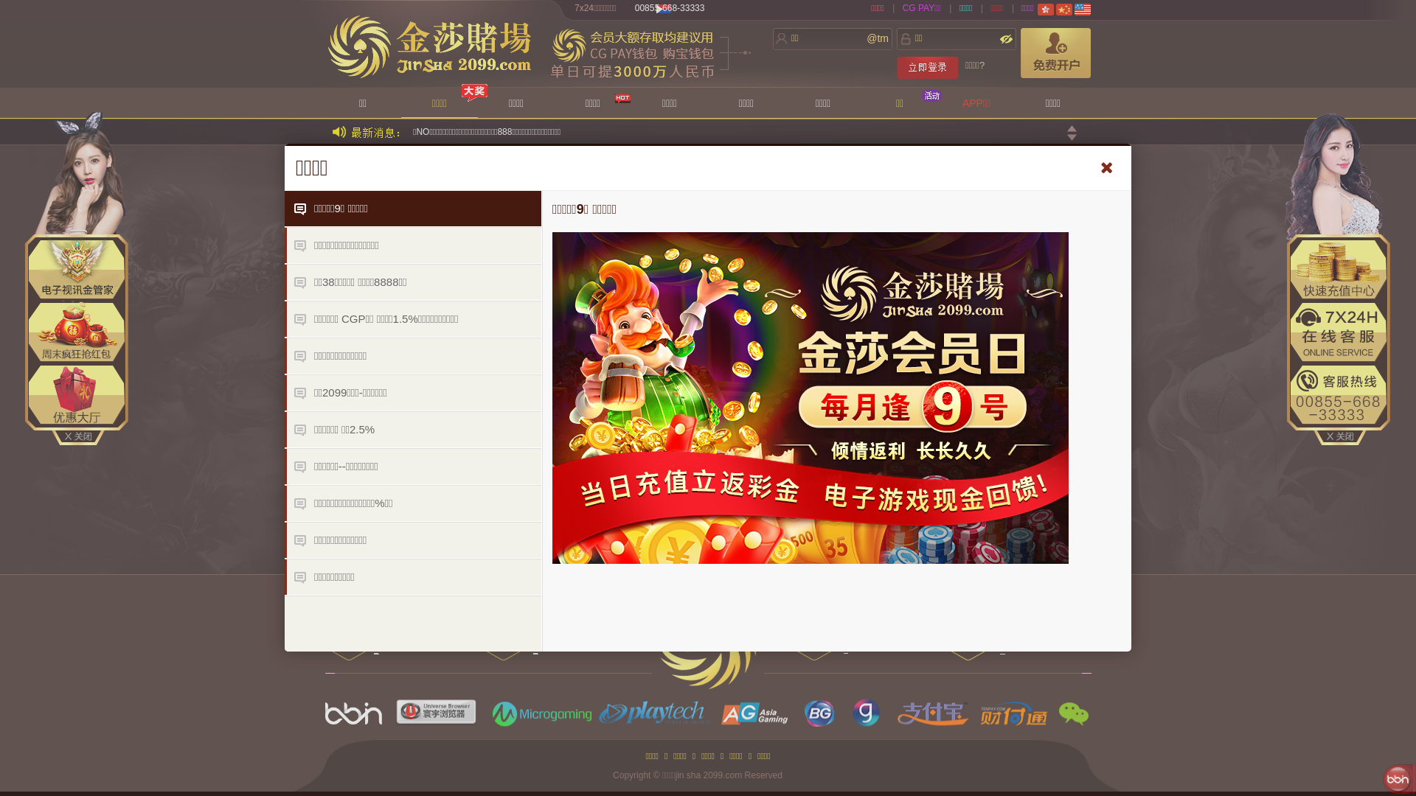 This screenshot has width=1416, height=796. What do you see at coordinates (1083, 9) in the screenshot?
I see `'English'` at bounding box center [1083, 9].